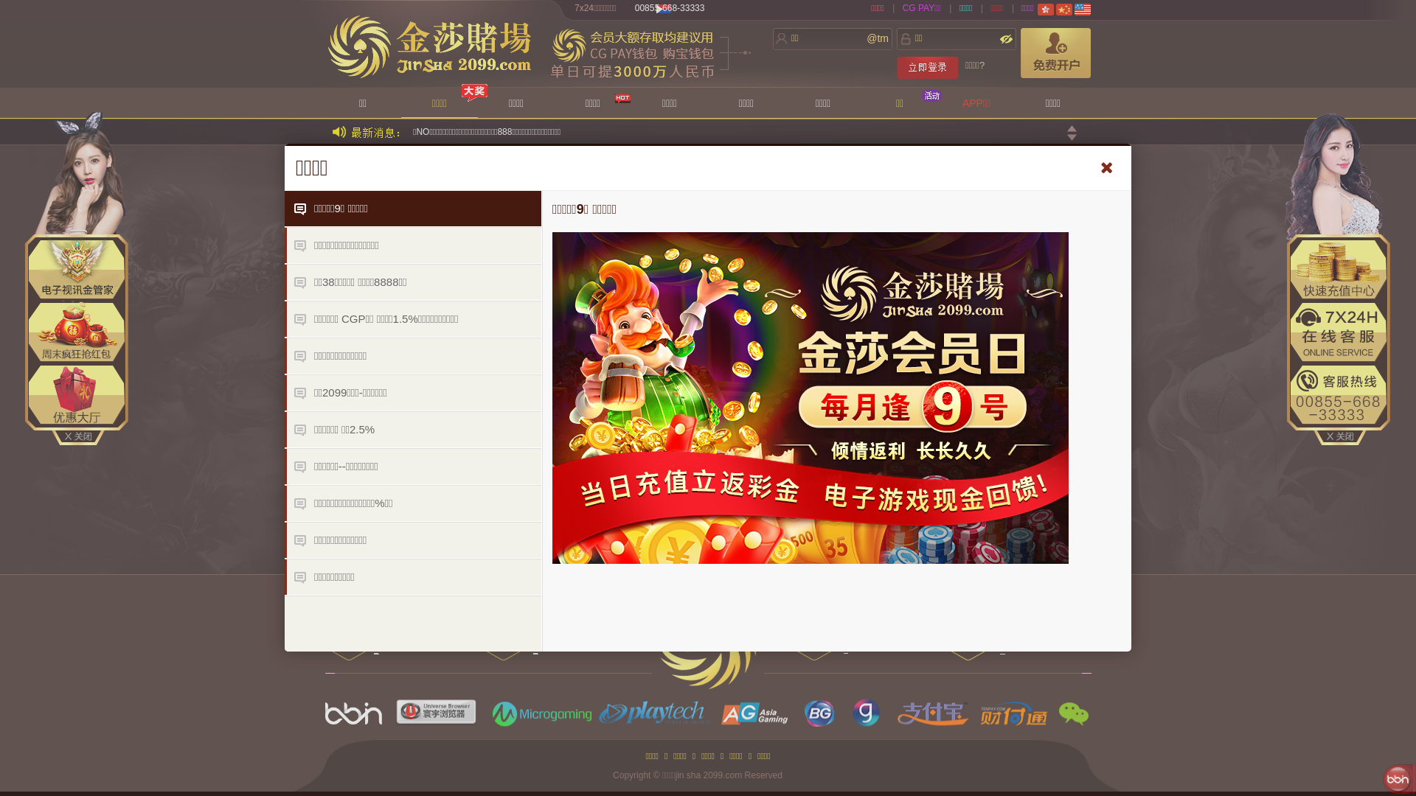 This screenshot has width=1416, height=796. What do you see at coordinates (1083, 9) in the screenshot?
I see `'English'` at bounding box center [1083, 9].